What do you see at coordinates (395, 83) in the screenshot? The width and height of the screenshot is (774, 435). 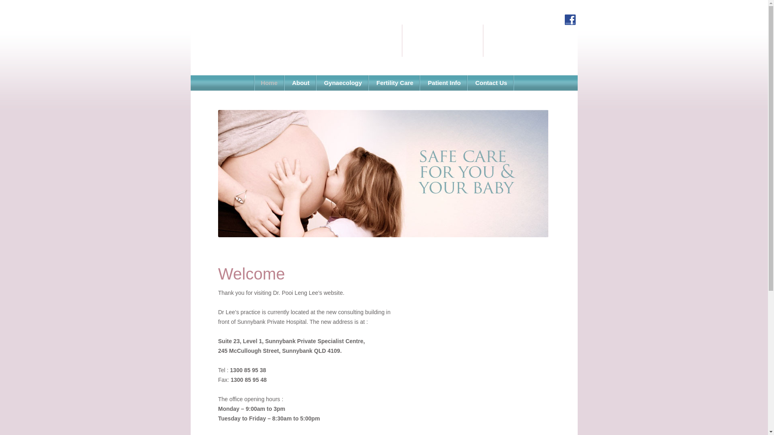 I see `'Fertility Care'` at bounding box center [395, 83].